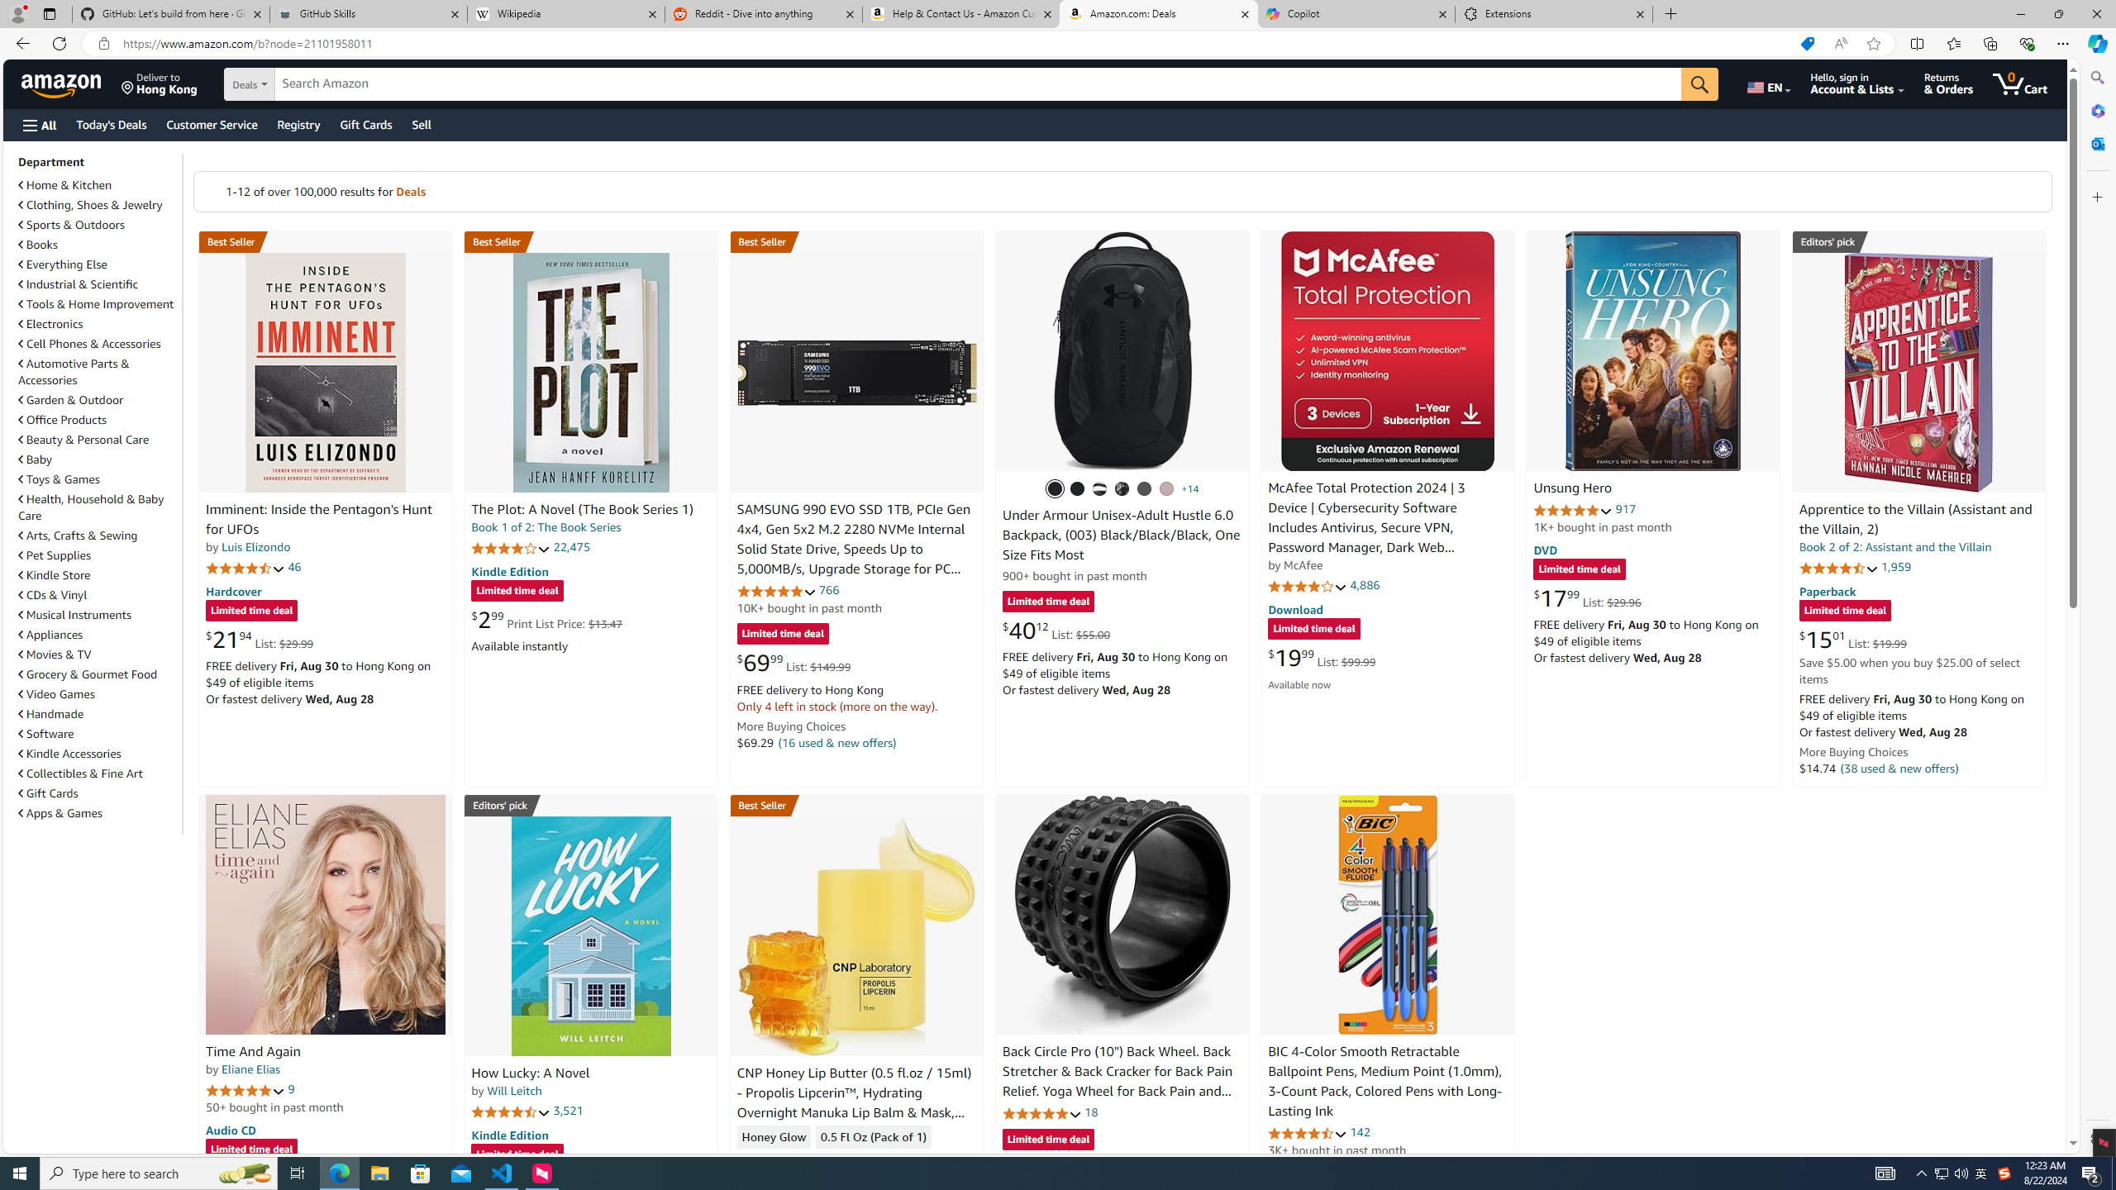 The image size is (2116, 1190). Describe the element at coordinates (98, 183) in the screenshot. I see `'Home & Kitchen'` at that location.